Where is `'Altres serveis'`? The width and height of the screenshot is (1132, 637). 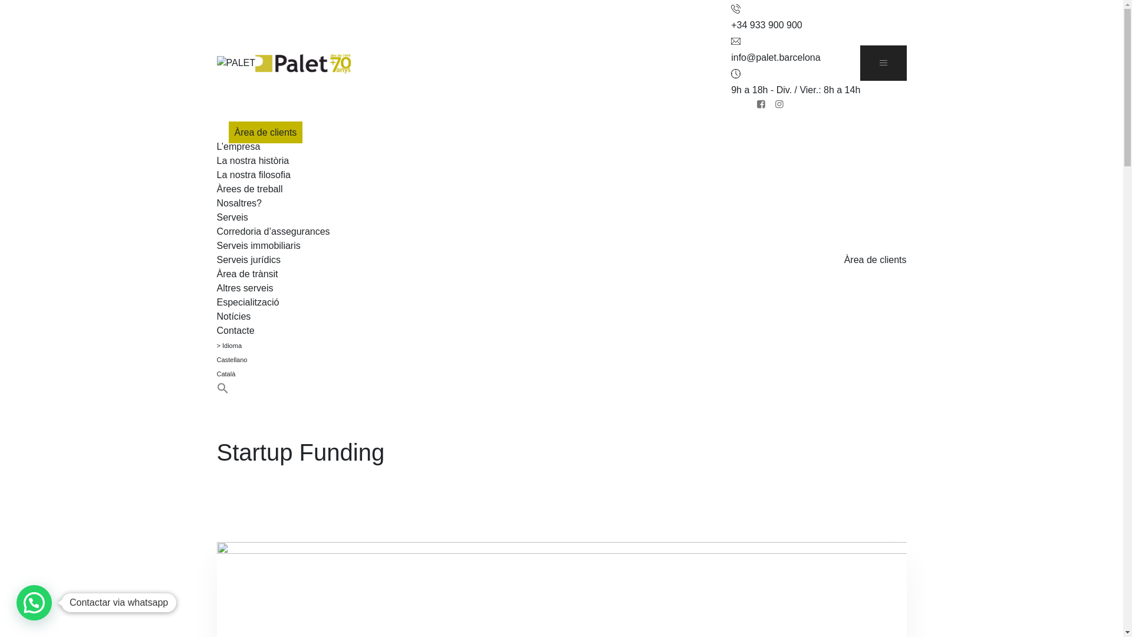 'Altres serveis' is located at coordinates (245, 288).